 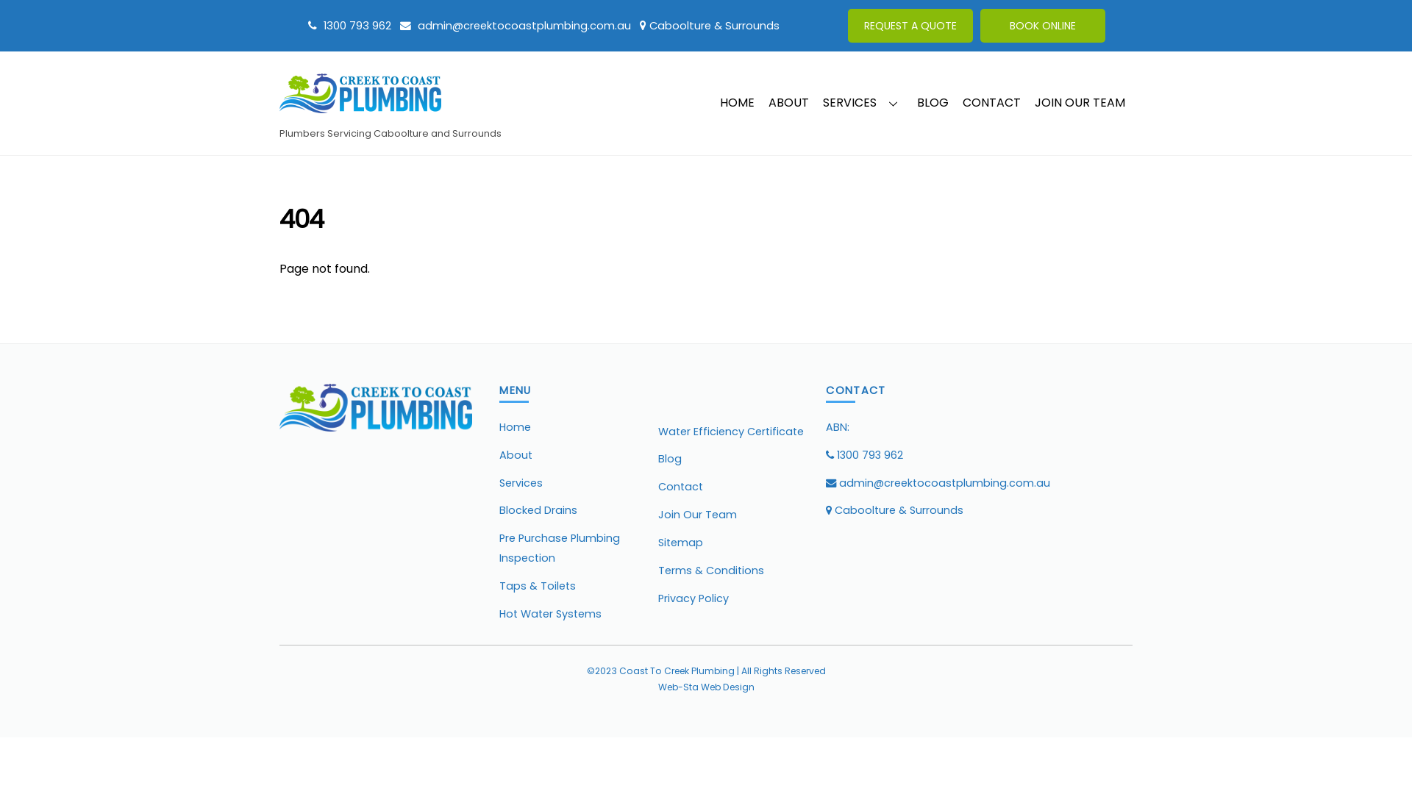 I want to click on 'Home', so click(x=515, y=427).